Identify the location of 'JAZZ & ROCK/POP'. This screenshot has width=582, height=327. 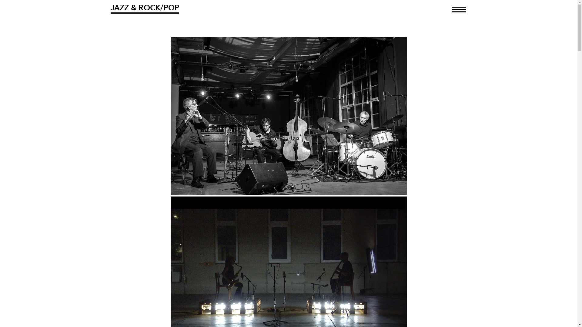
(144, 8).